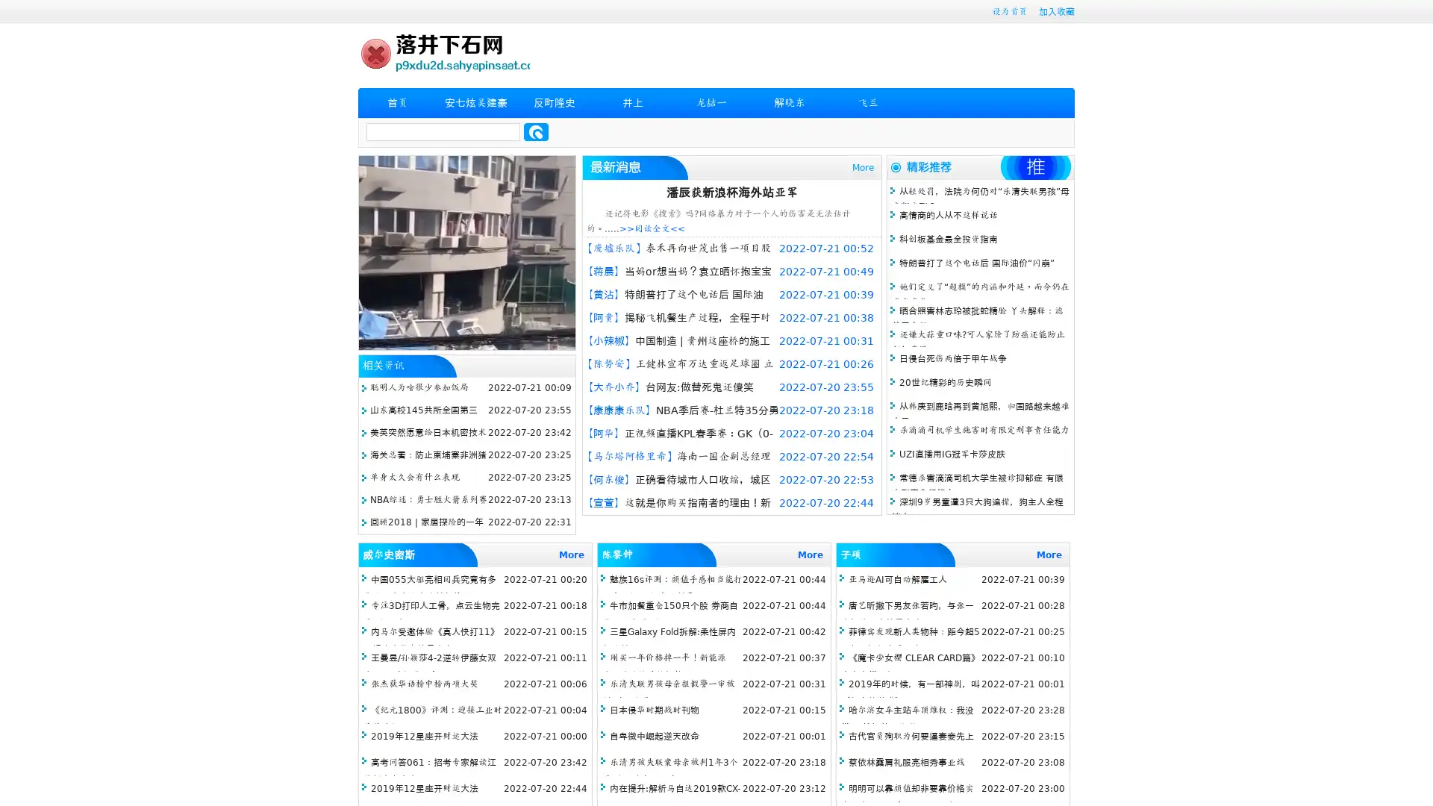  What do you see at coordinates (536, 131) in the screenshot?
I see `Search` at bounding box center [536, 131].